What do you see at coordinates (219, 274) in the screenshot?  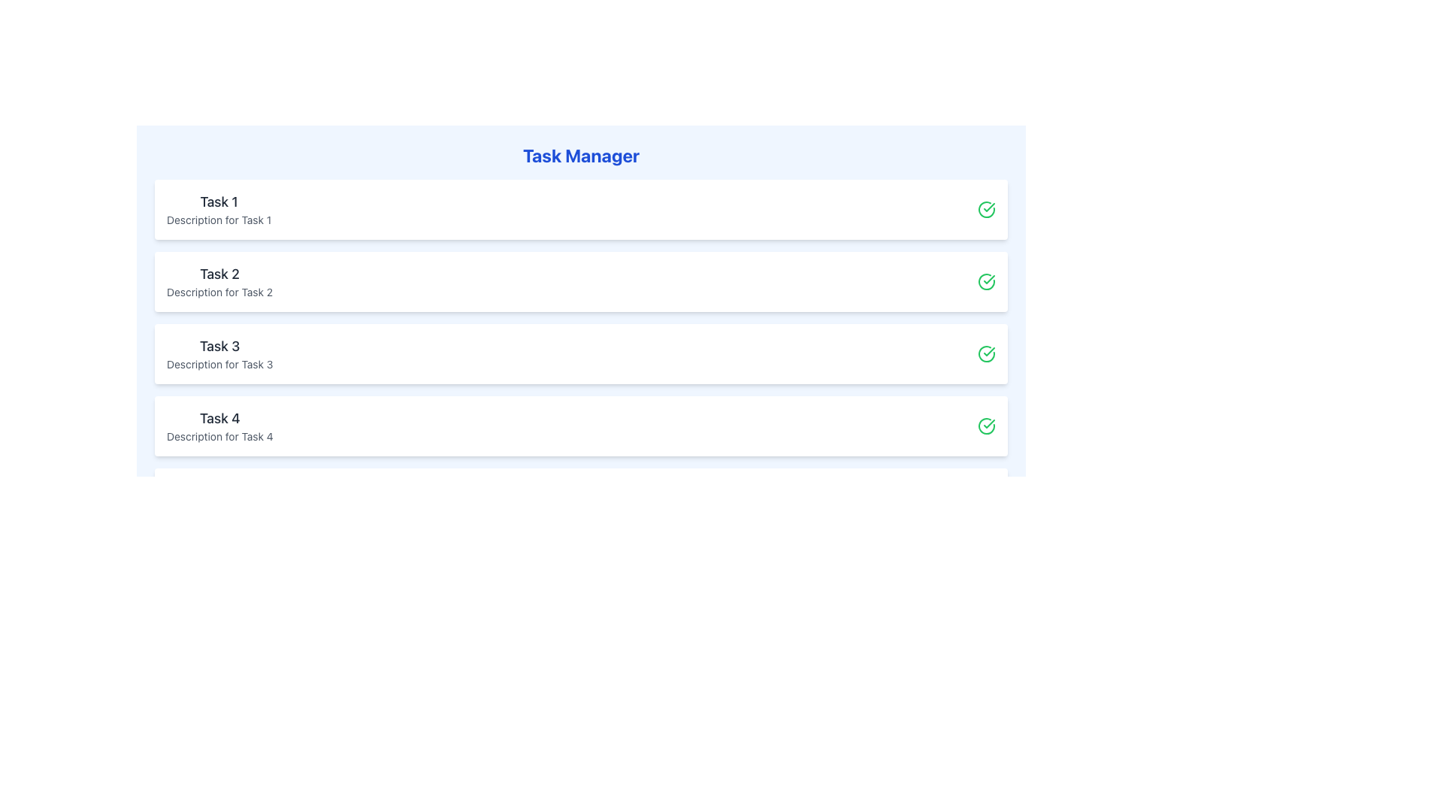 I see `the text label displaying 'Task 2' which is located within the second card and above the 'Description for Task 2' text` at bounding box center [219, 274].